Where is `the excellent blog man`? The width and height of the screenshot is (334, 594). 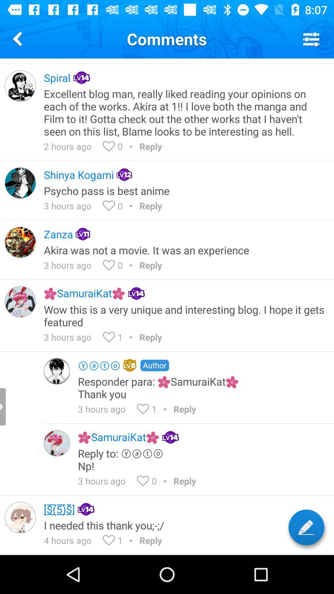 the excellent blog man is located at coordinates (184, 112).